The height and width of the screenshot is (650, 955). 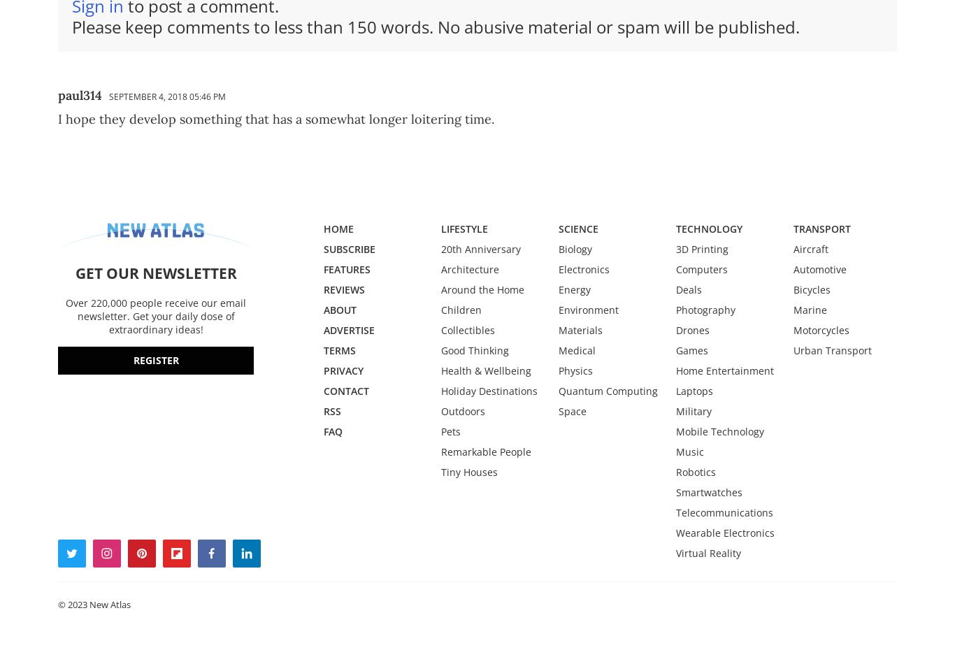 What do you see at coordinates (469, 268) in the screenshot?
I see `'Architecture'` at bounding box center [469, 268].